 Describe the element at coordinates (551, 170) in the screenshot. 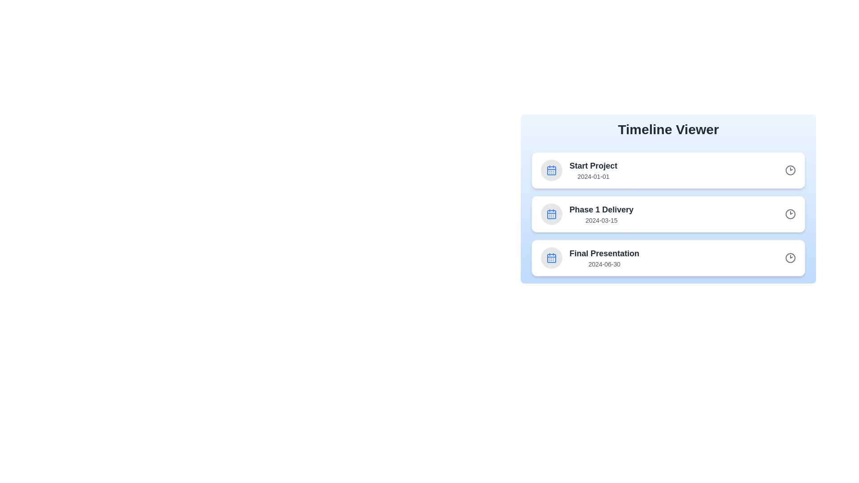

I see `the calendar icon located to the left of the text 'Start Project' within the vertical list layout by moving the cursor to its center point` at that location.